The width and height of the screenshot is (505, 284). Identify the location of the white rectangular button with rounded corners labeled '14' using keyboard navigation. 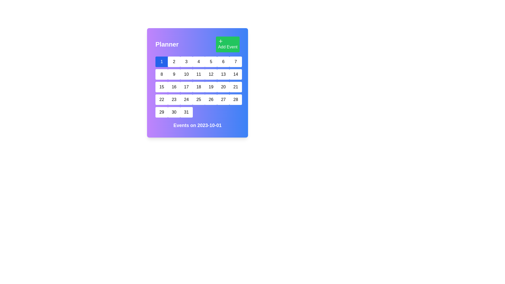
(235, 74).